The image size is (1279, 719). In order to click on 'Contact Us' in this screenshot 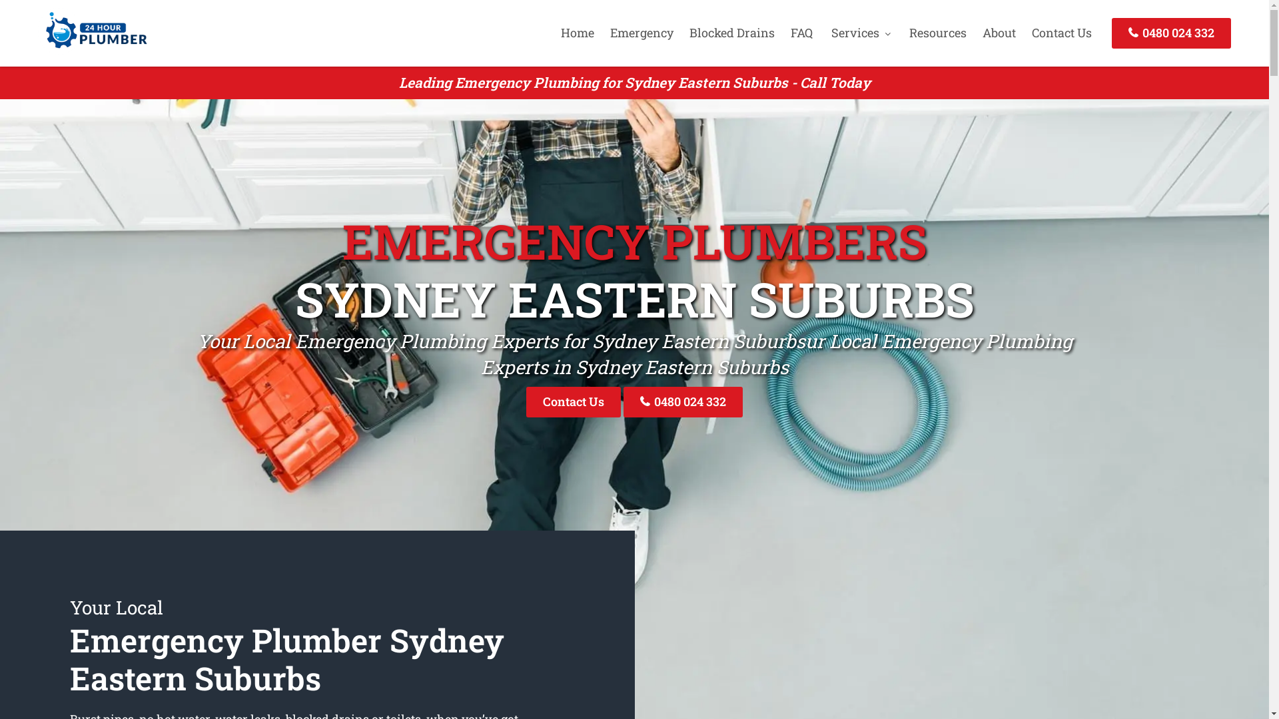, I will do `click(573, 401)`.